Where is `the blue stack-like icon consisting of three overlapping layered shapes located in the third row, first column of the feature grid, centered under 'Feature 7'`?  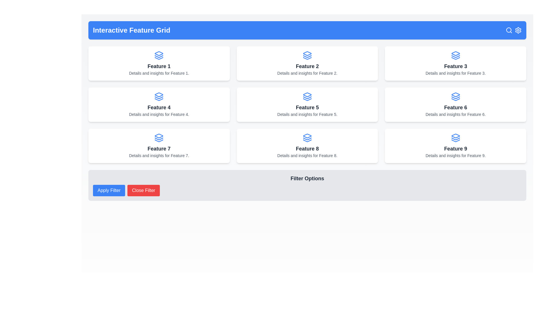
the blue stack-like icon consisting of three overlapping layered shapes located in the third row, first column of the feature grid, centered under 'Feature 7' is located at coordinates (159, 138).